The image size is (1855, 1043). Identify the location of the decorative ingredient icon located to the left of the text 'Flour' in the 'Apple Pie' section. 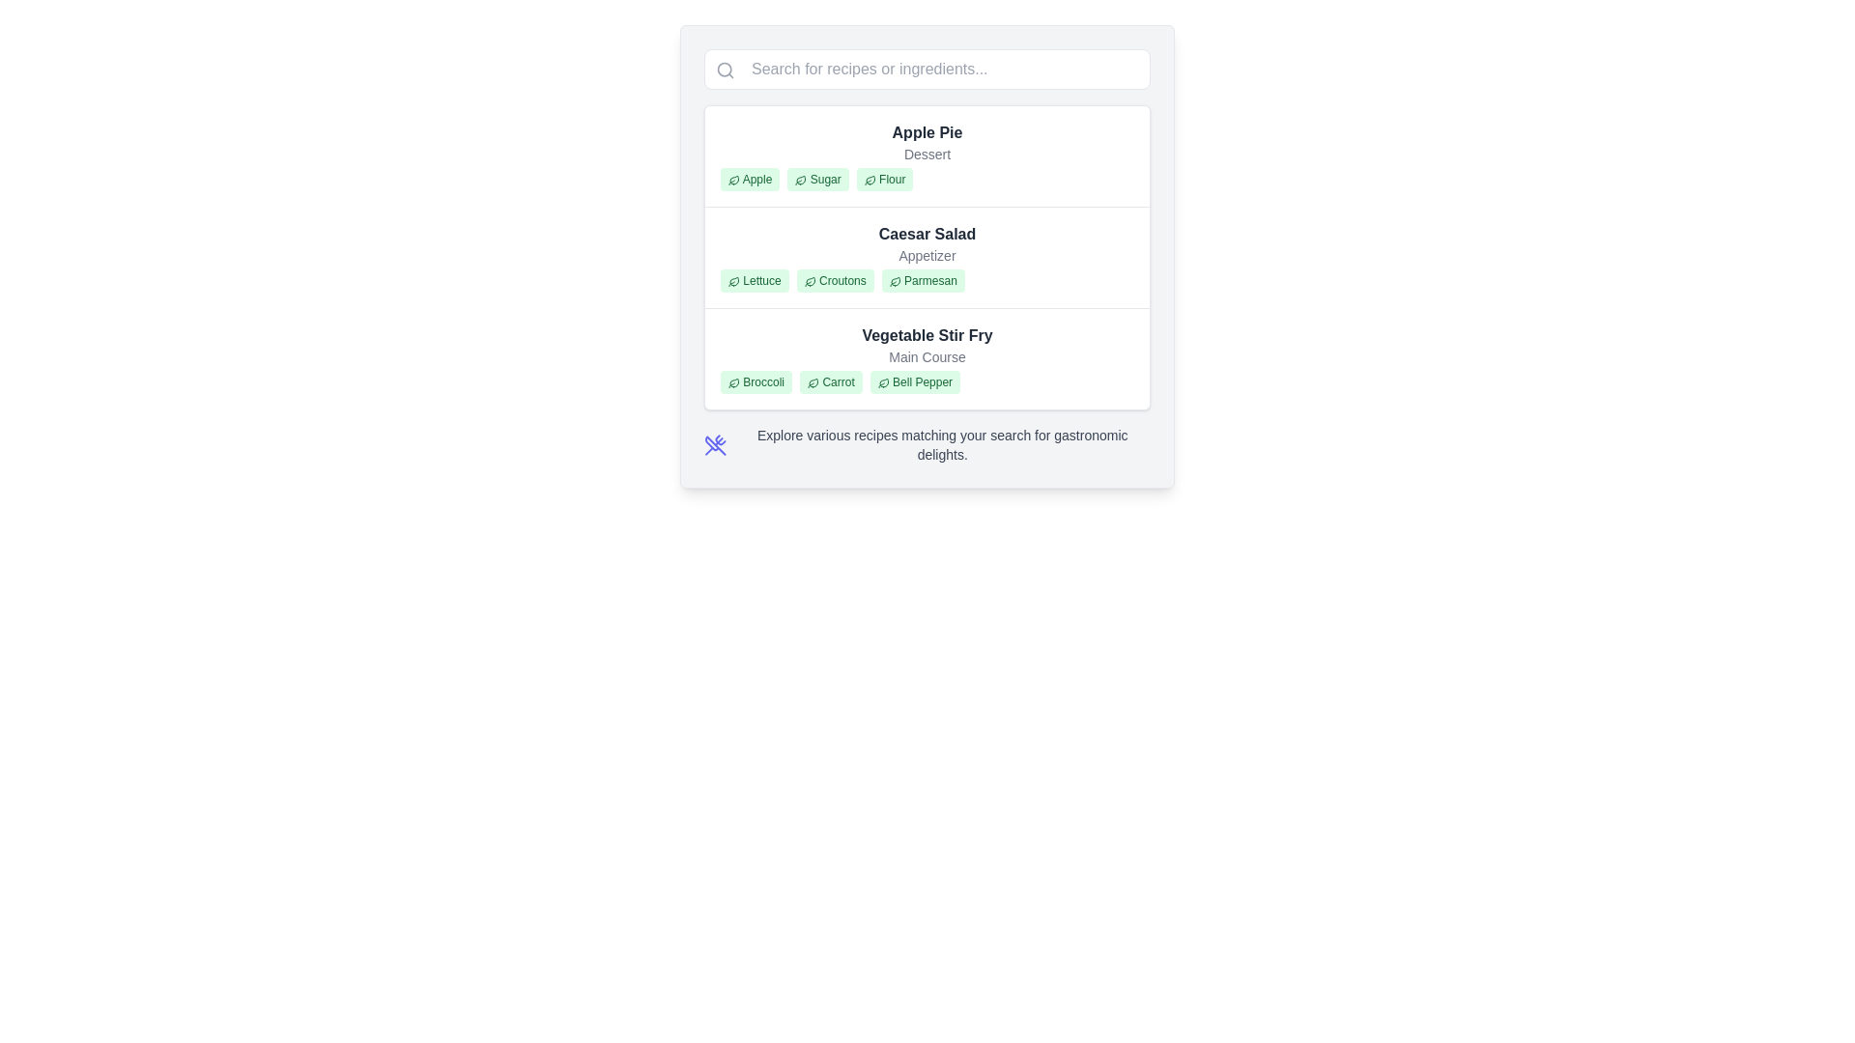
(870, 180).